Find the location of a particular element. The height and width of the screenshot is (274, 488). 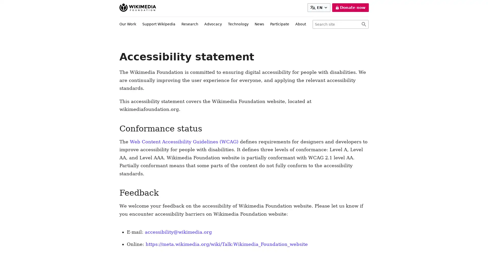

CURRENT LANGUAGE: EN is located at coordinates (319, 8).